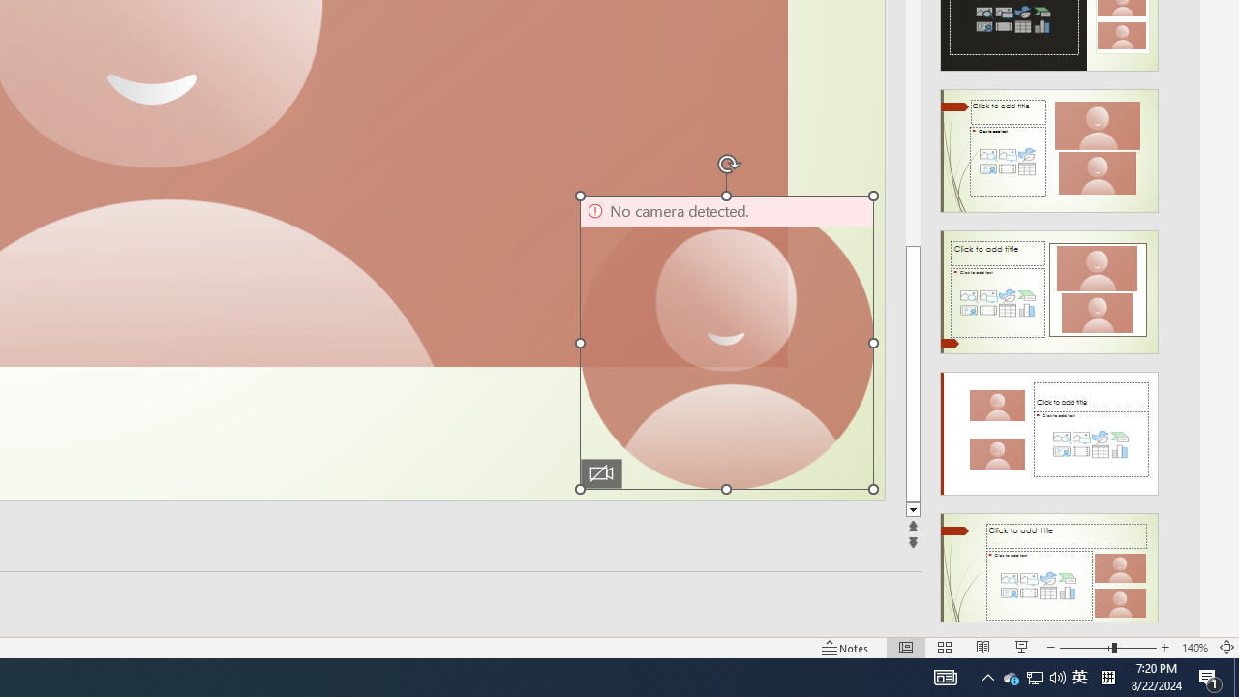 This screenshot has width=1239, height=697. What do you see at coordinates (725, 341) in the screenshot?
I see `'Camera 4, No camera detected.'` at bounding box center [725, 341].